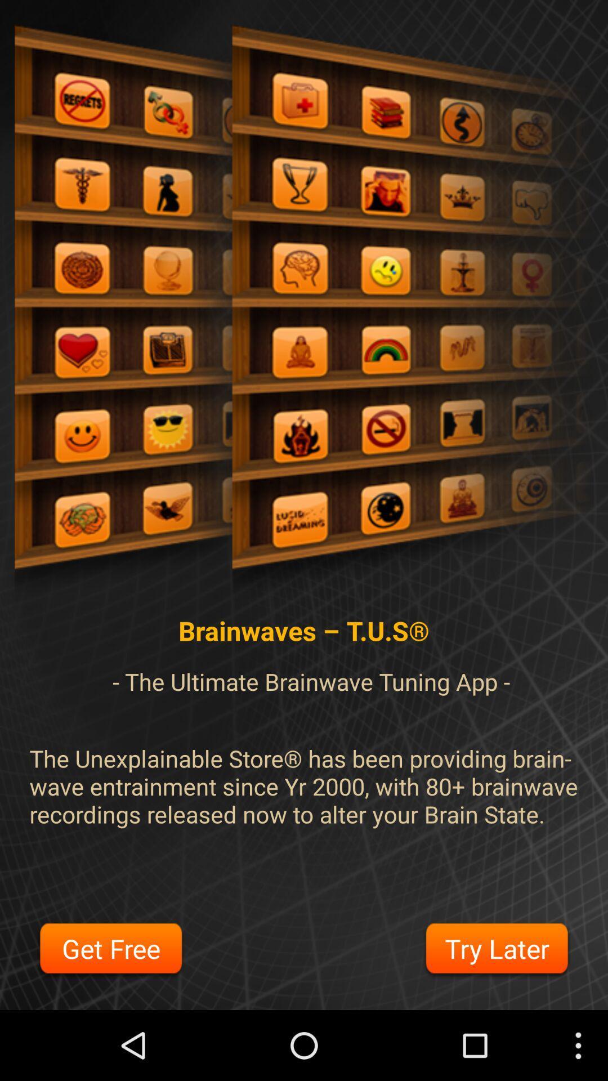  Describe the element at coordinates (304, 314) in the screenshot. I see `the icon above brainwaves t u` at that location.